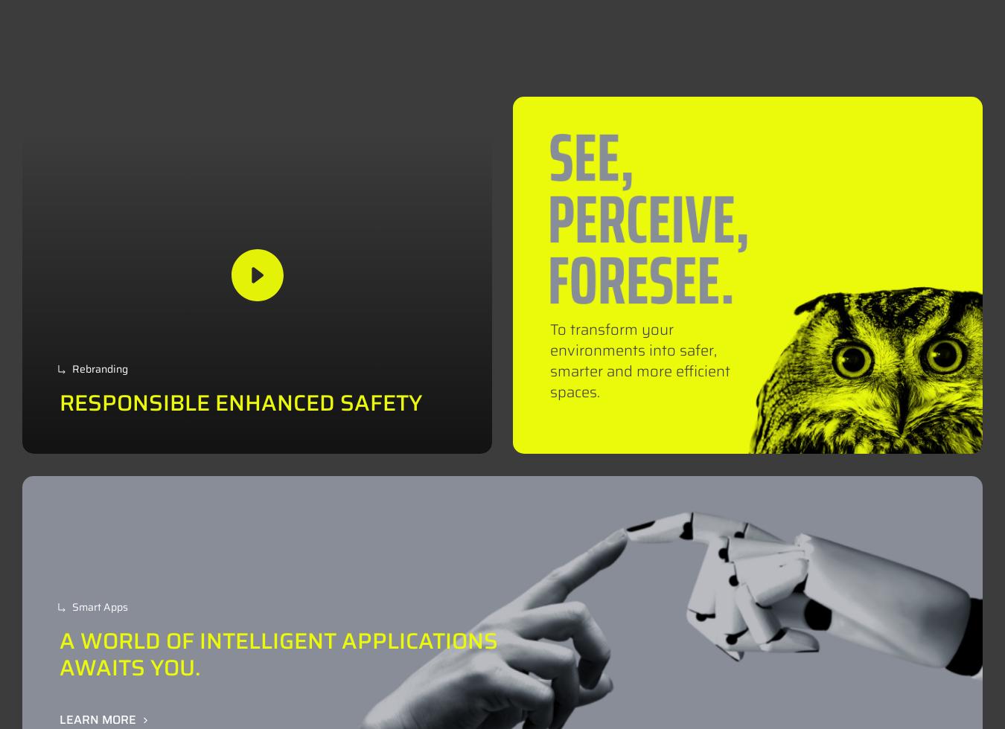 Image resolution: width=1005 pixels, height=729 pixels. I want to click on 'Network', so click(610, 36).